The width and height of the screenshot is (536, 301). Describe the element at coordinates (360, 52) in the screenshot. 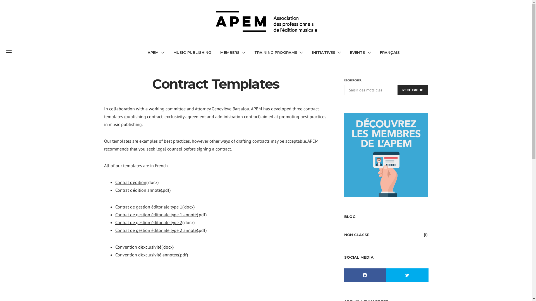

I see `'EVENTS'` at that location.